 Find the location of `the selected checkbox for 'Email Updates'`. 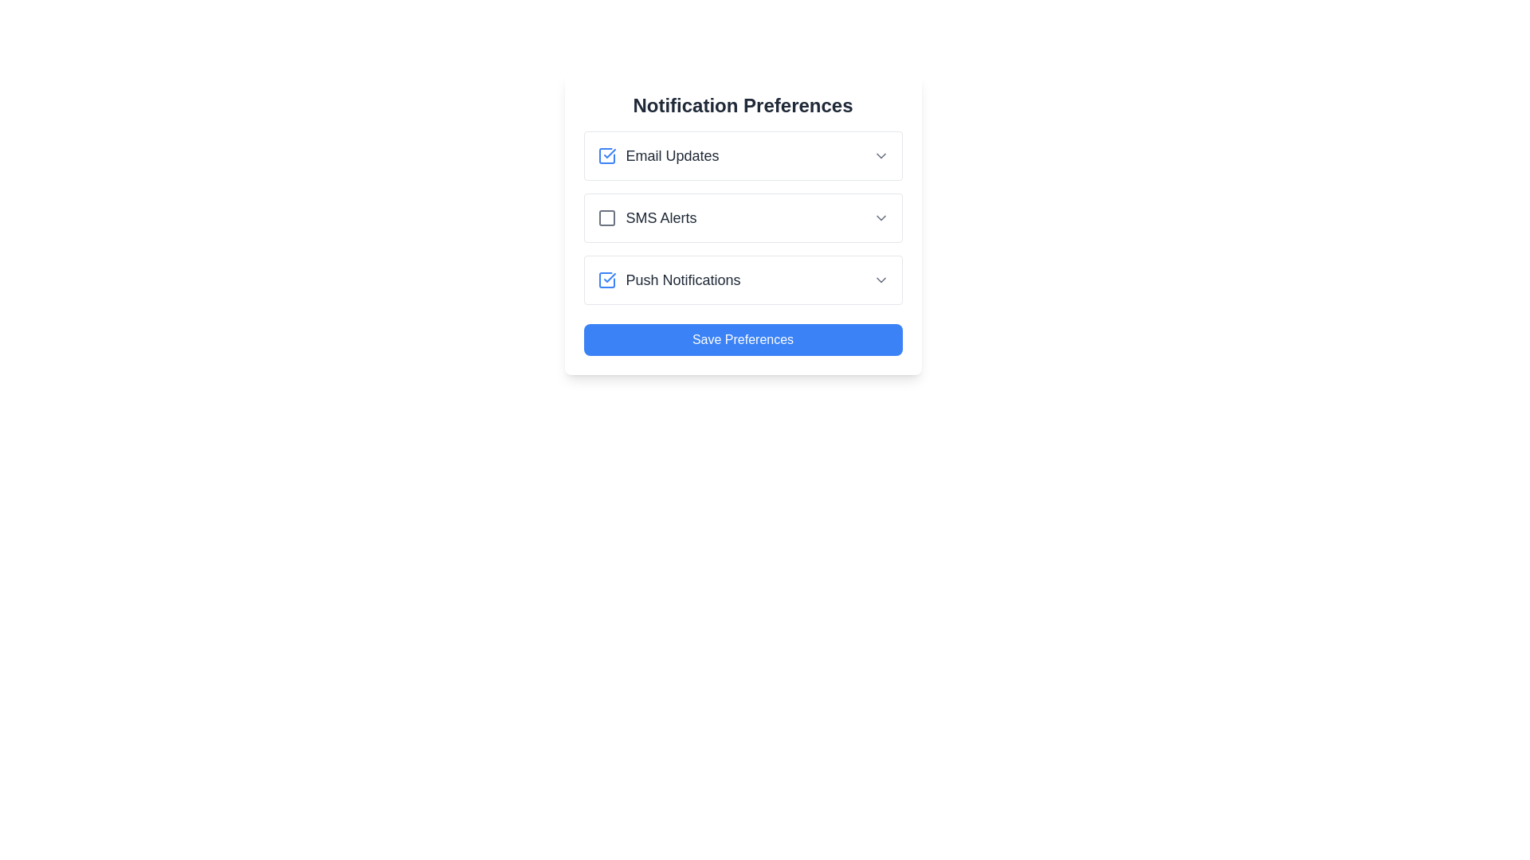

the selected checkbox for 'Email Updates' is located at coordinates (606, 156).